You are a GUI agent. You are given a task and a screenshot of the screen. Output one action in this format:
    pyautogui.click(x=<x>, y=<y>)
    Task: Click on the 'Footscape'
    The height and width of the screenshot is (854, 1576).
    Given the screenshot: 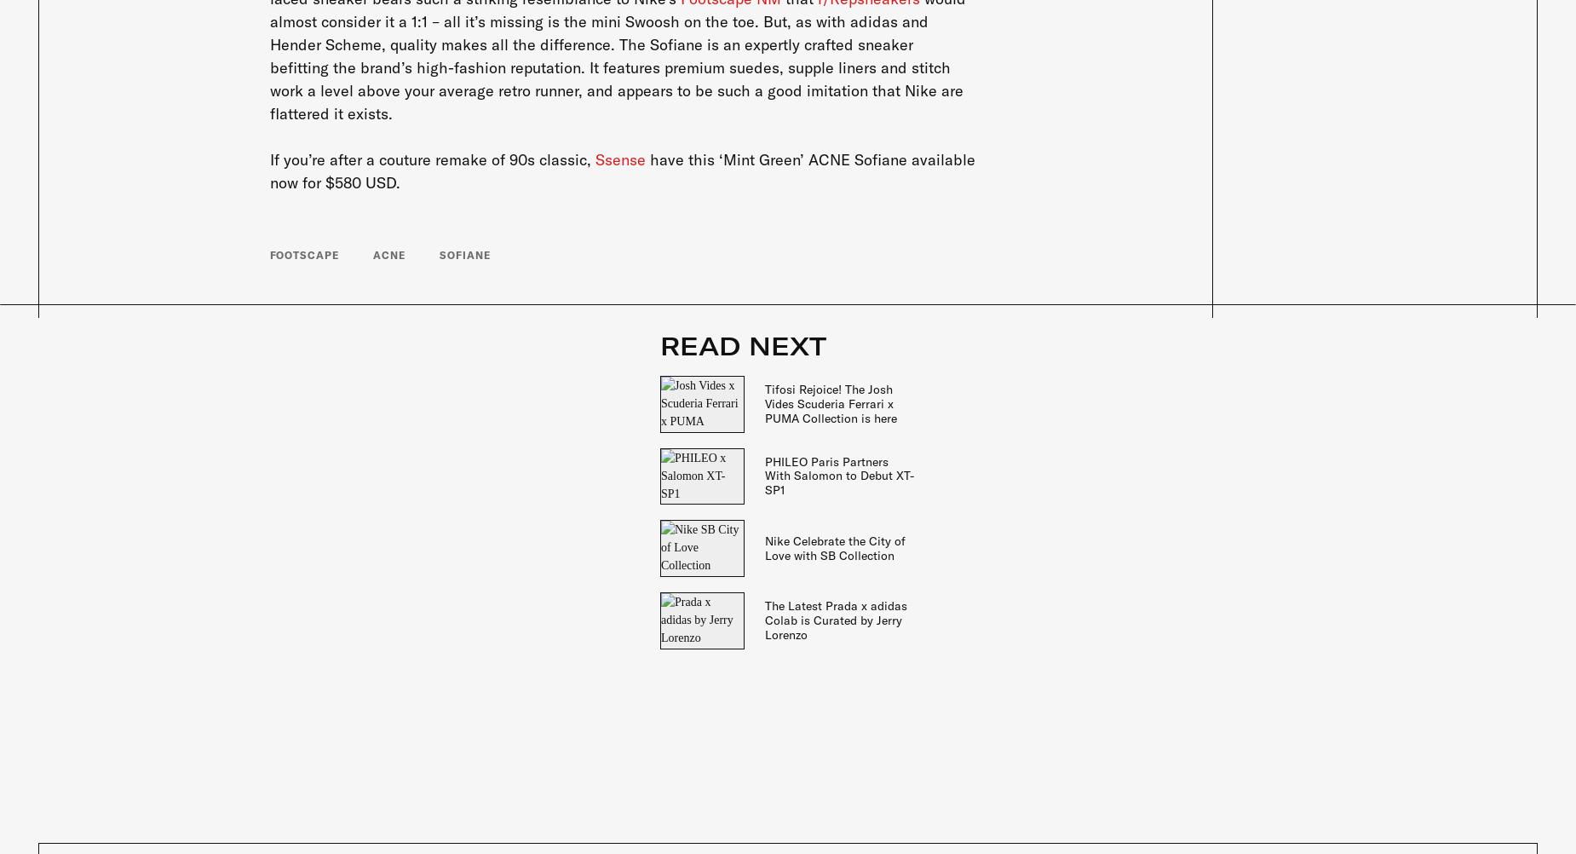 What is the action you would take?
    pyautogui.click(x=303, y=254)
    